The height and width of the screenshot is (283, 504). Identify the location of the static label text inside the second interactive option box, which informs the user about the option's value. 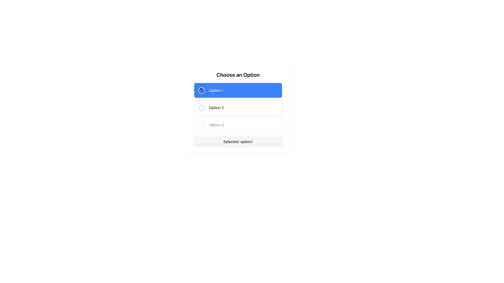
(216, 107).